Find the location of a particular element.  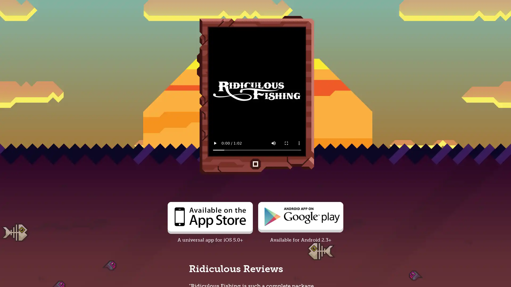

enter full screen is located at coordinates (286, 143).